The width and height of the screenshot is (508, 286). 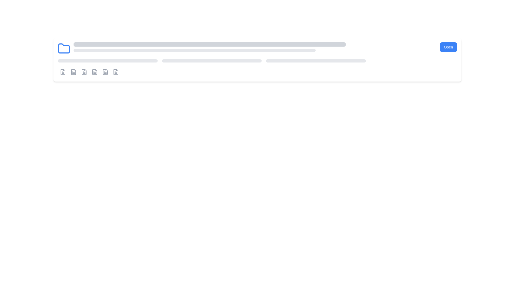 I want to click on the third file icon in the horizontal row that resembles a document or text file with a gray color scheme and internal horizontal lines indicating text content, so click(x=73, y=72).